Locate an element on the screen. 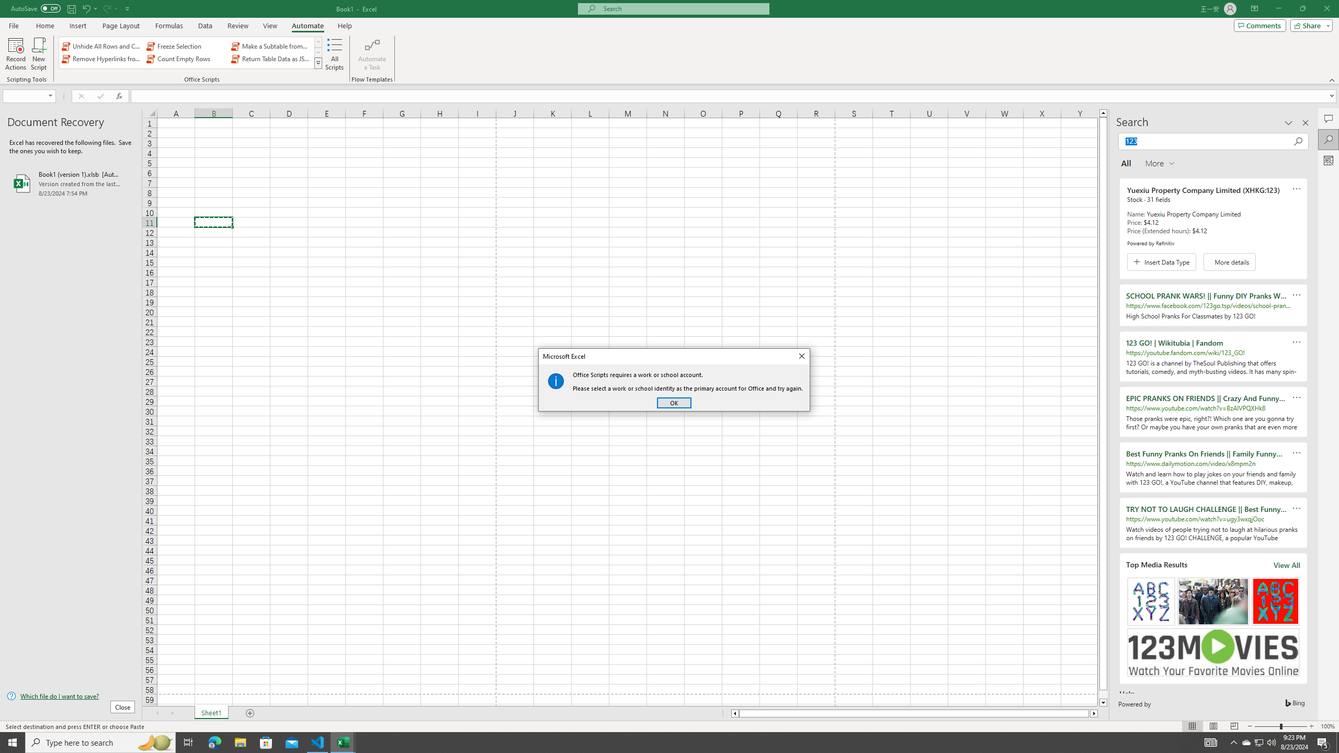  'Scroll Left' is located at coordinates (156, 713).